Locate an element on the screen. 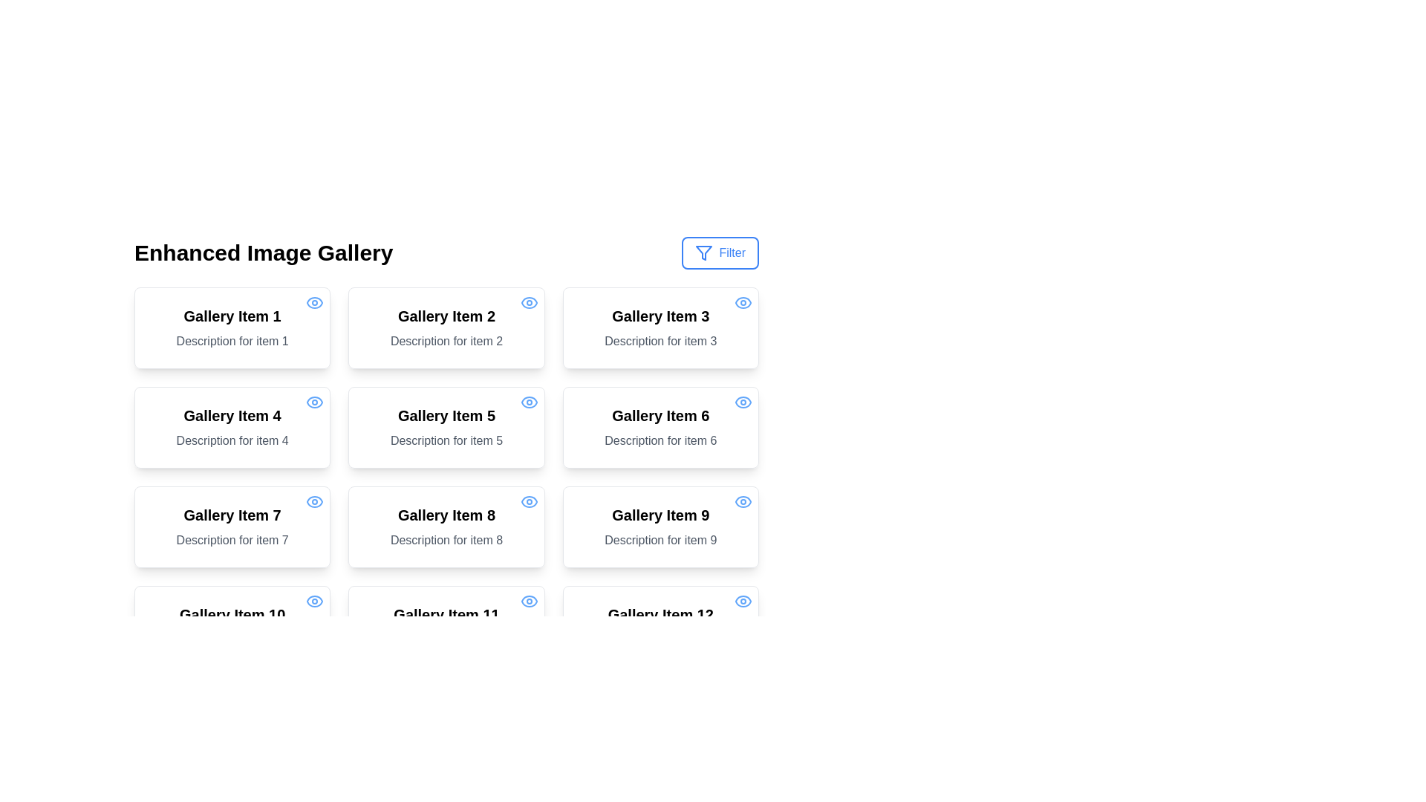  the Card component titled 'Gallery Item 9' which includes a description and an eye-shaped icon in the top-right corner is located at coordinates (660, 526).